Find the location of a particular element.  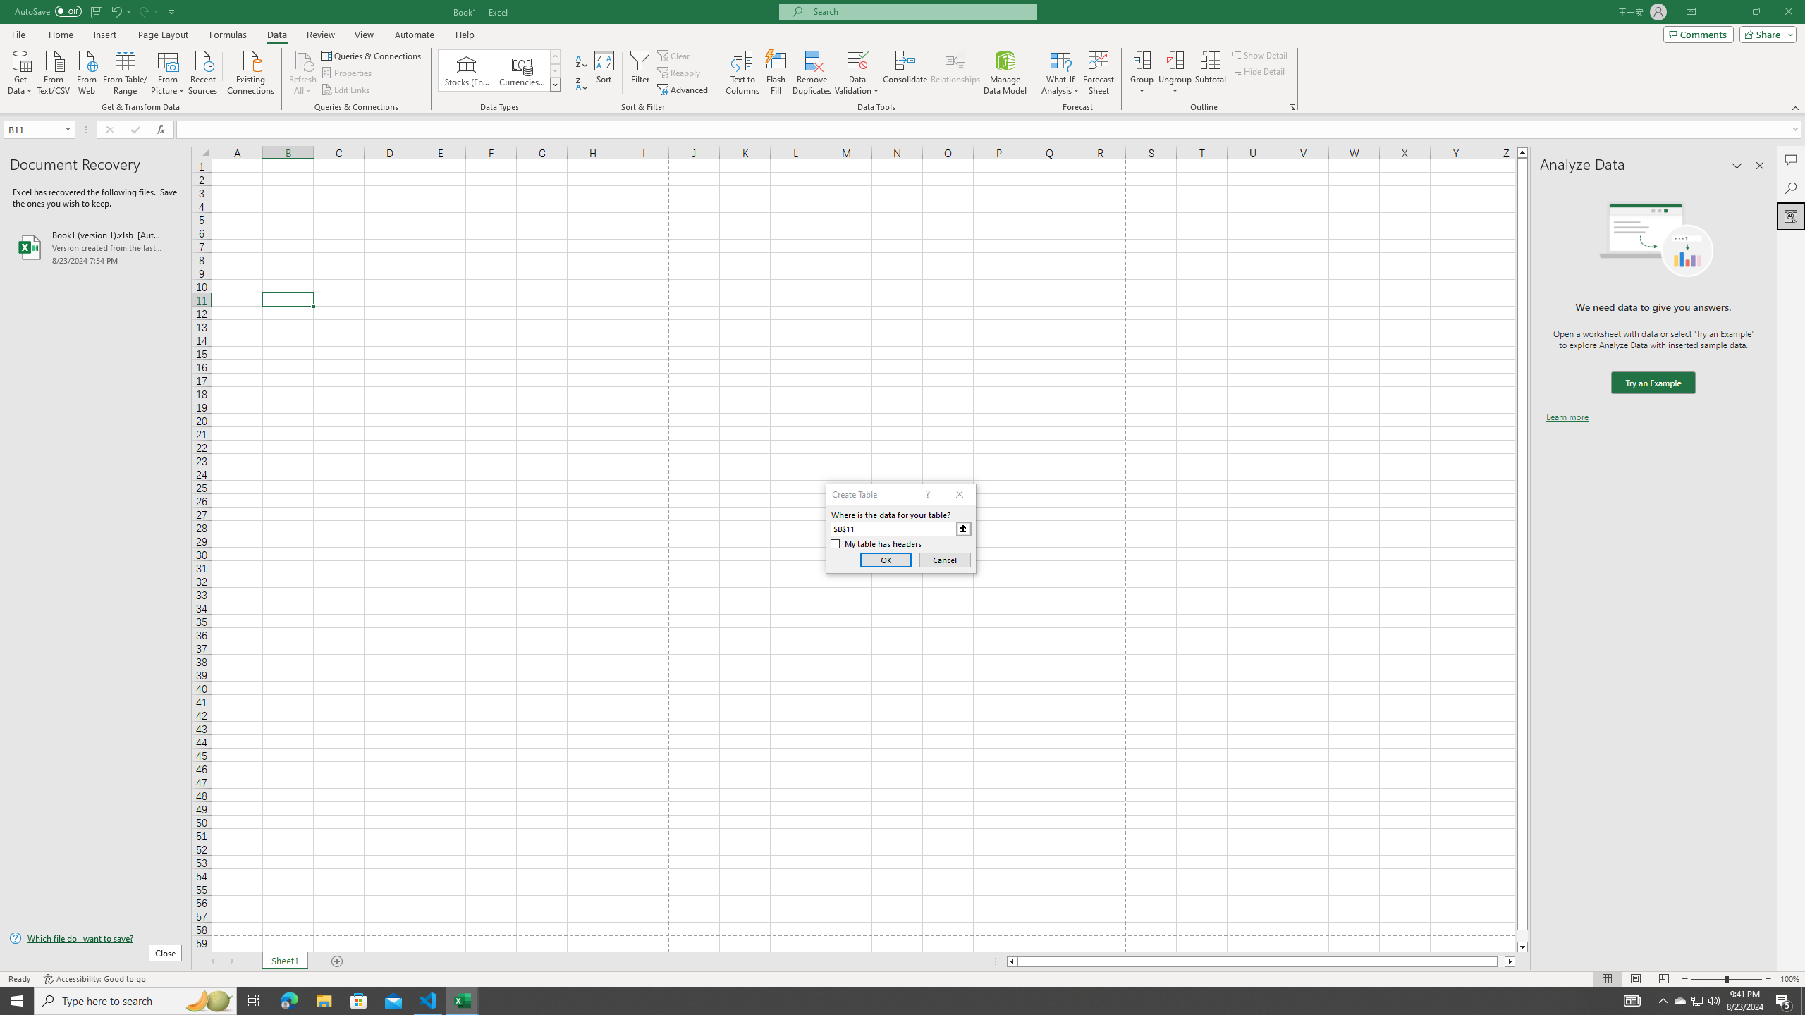

'Forecast Sheet' is located at coordinates (1098, 73).